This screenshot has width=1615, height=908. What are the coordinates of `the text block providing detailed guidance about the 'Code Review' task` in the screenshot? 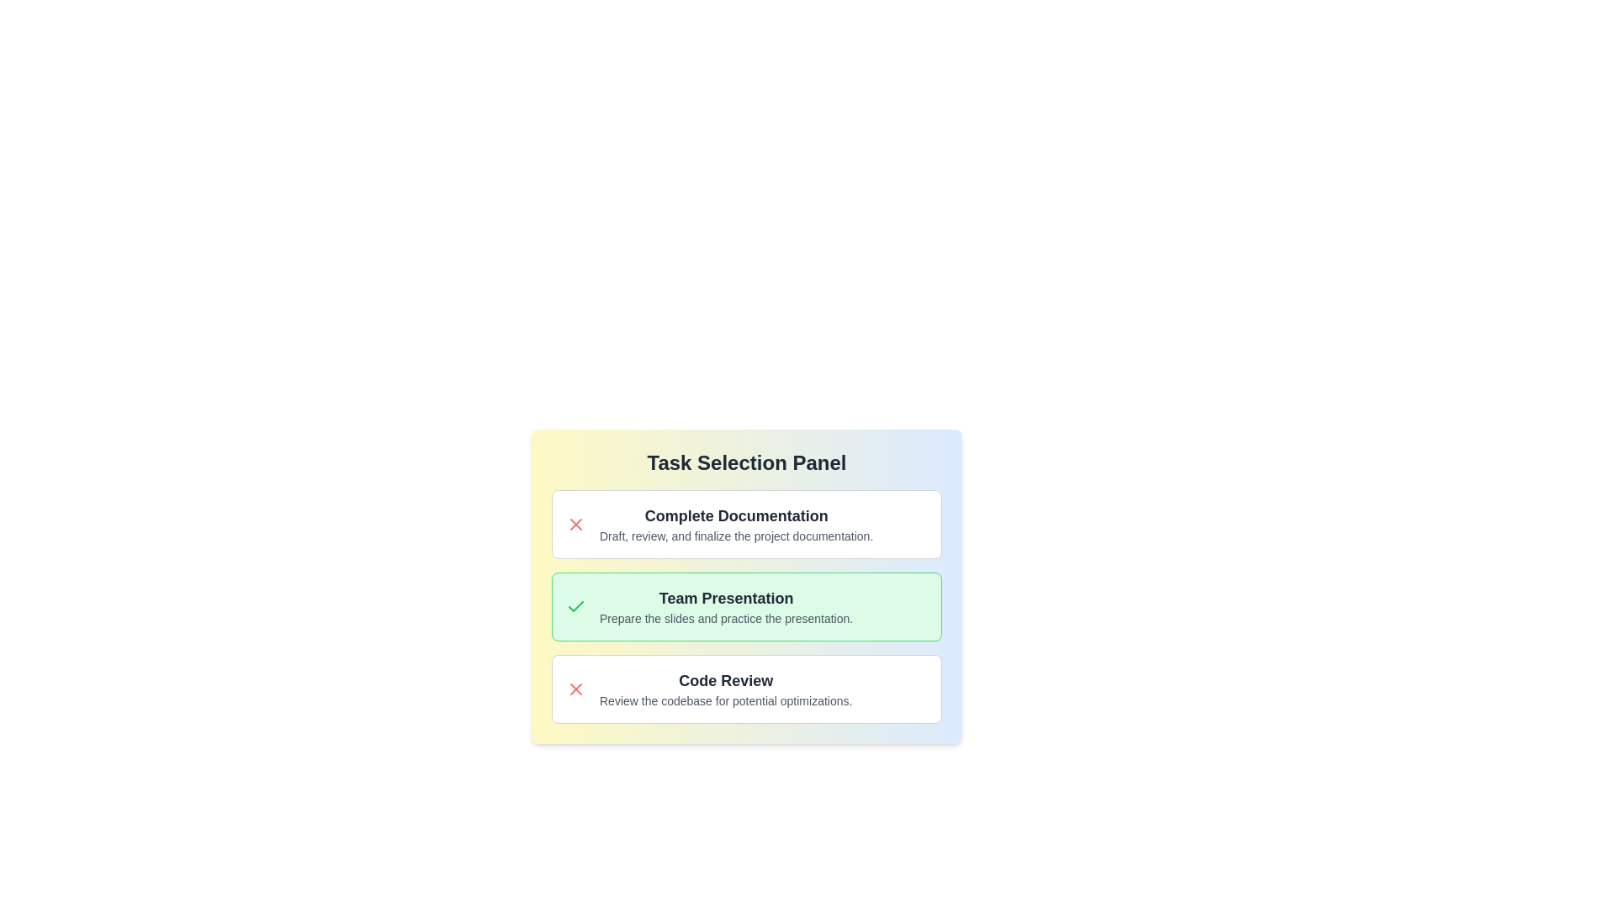 It's located at (726, 700).